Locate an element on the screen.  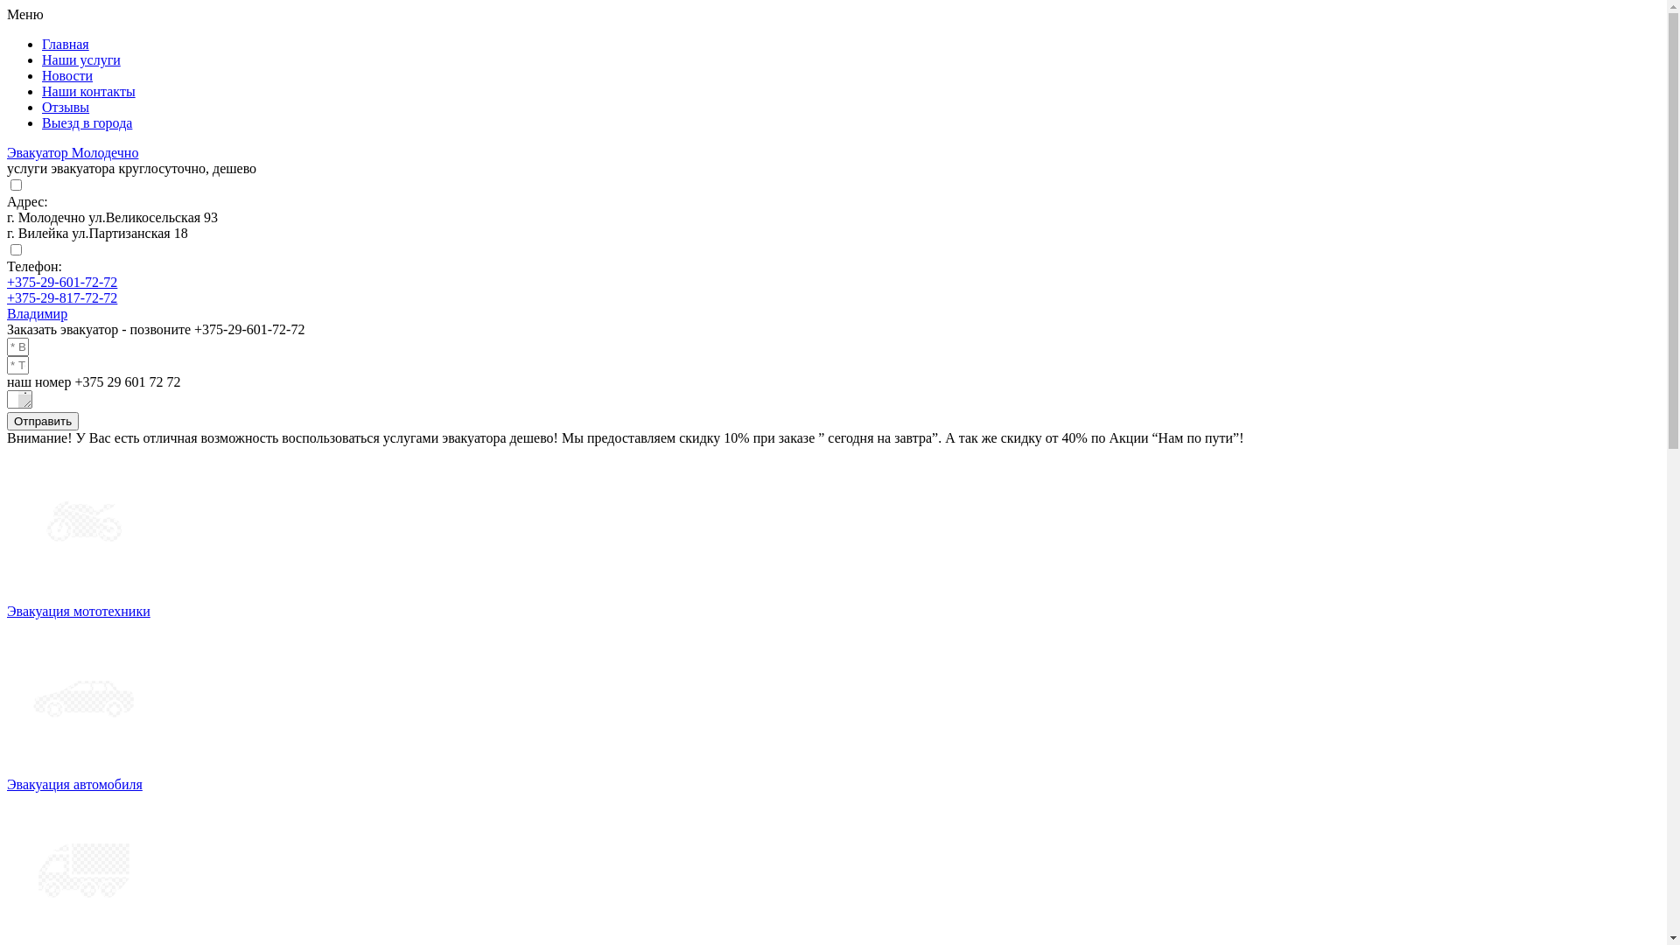
'+375-29-601-72-72' is located at coordinates (62, 281).